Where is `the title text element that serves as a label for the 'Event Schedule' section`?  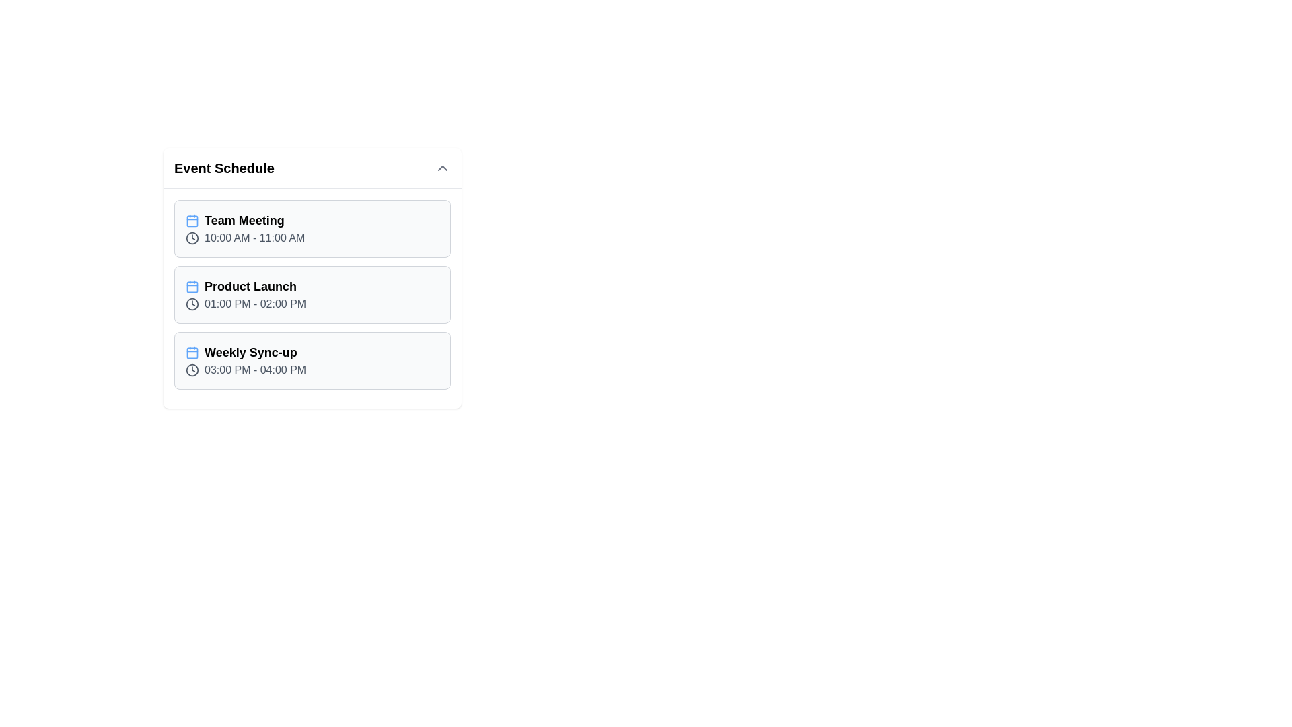 the title text element that serves as a label for the 'Event Schedule' section is located at coordinates (224, 168).